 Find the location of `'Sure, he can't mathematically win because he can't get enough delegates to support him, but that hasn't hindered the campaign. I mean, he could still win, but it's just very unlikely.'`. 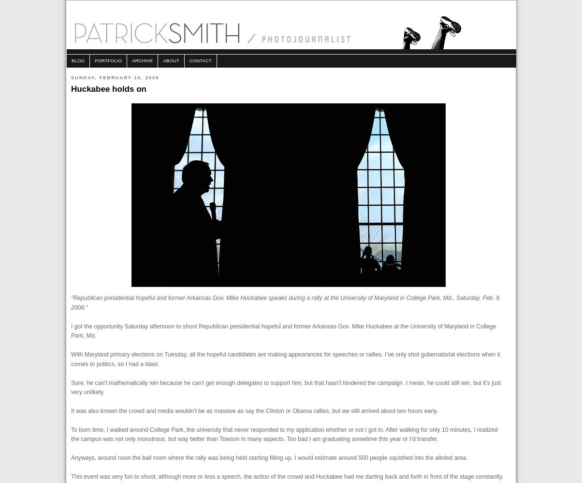

'Sure, he can't mathematically win because he can't get enough delegates to support him, but that hasn't hindered the campaign. I mean, he could still win, but it's just very unlikely.' is located at coordinates (71, 387).